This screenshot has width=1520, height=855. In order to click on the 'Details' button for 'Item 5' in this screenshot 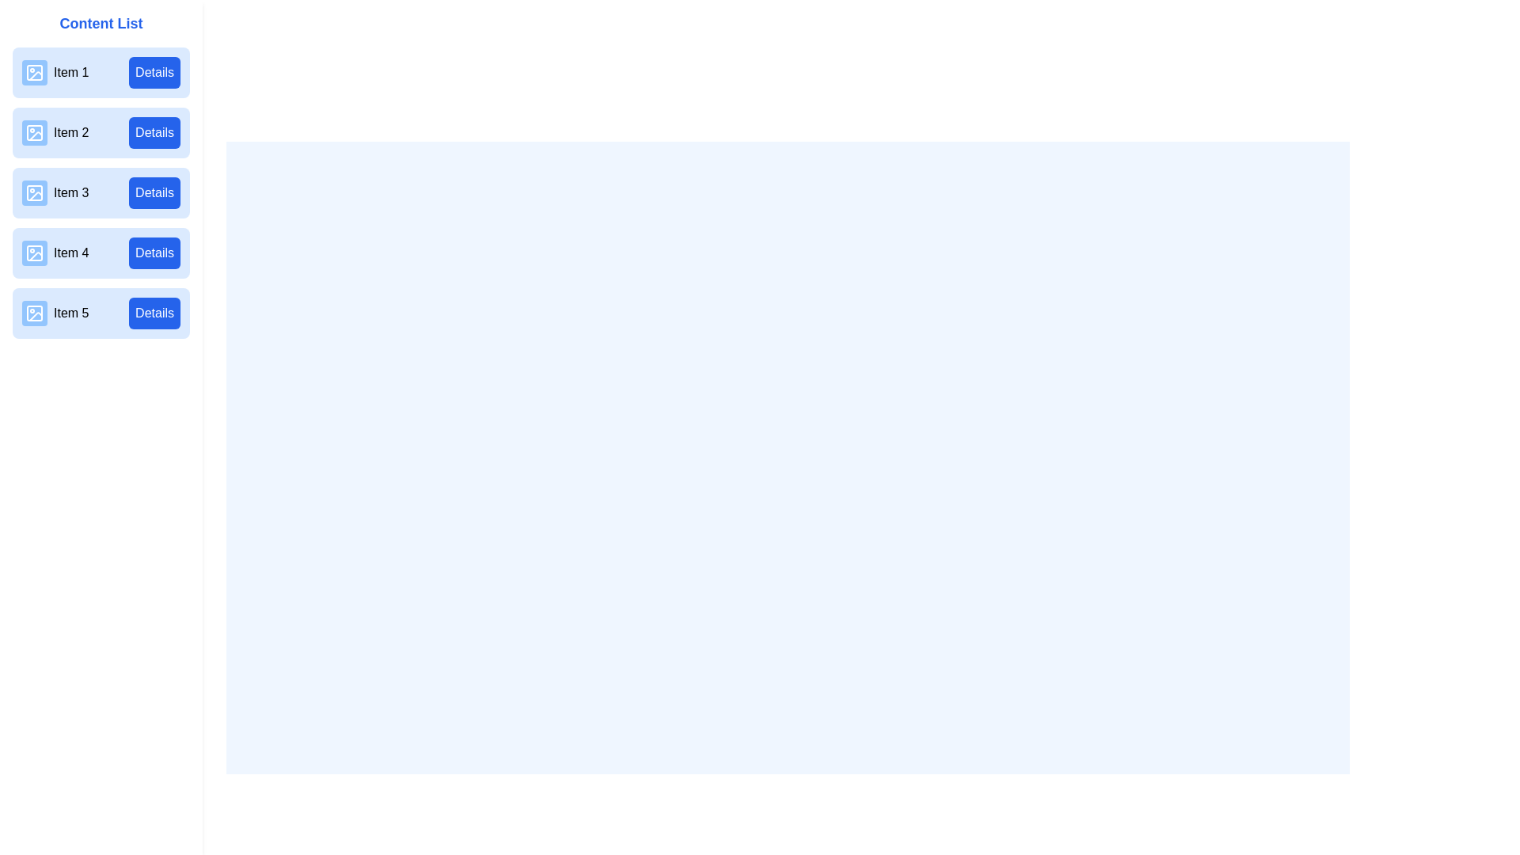, I will do `click(154, 313)`.